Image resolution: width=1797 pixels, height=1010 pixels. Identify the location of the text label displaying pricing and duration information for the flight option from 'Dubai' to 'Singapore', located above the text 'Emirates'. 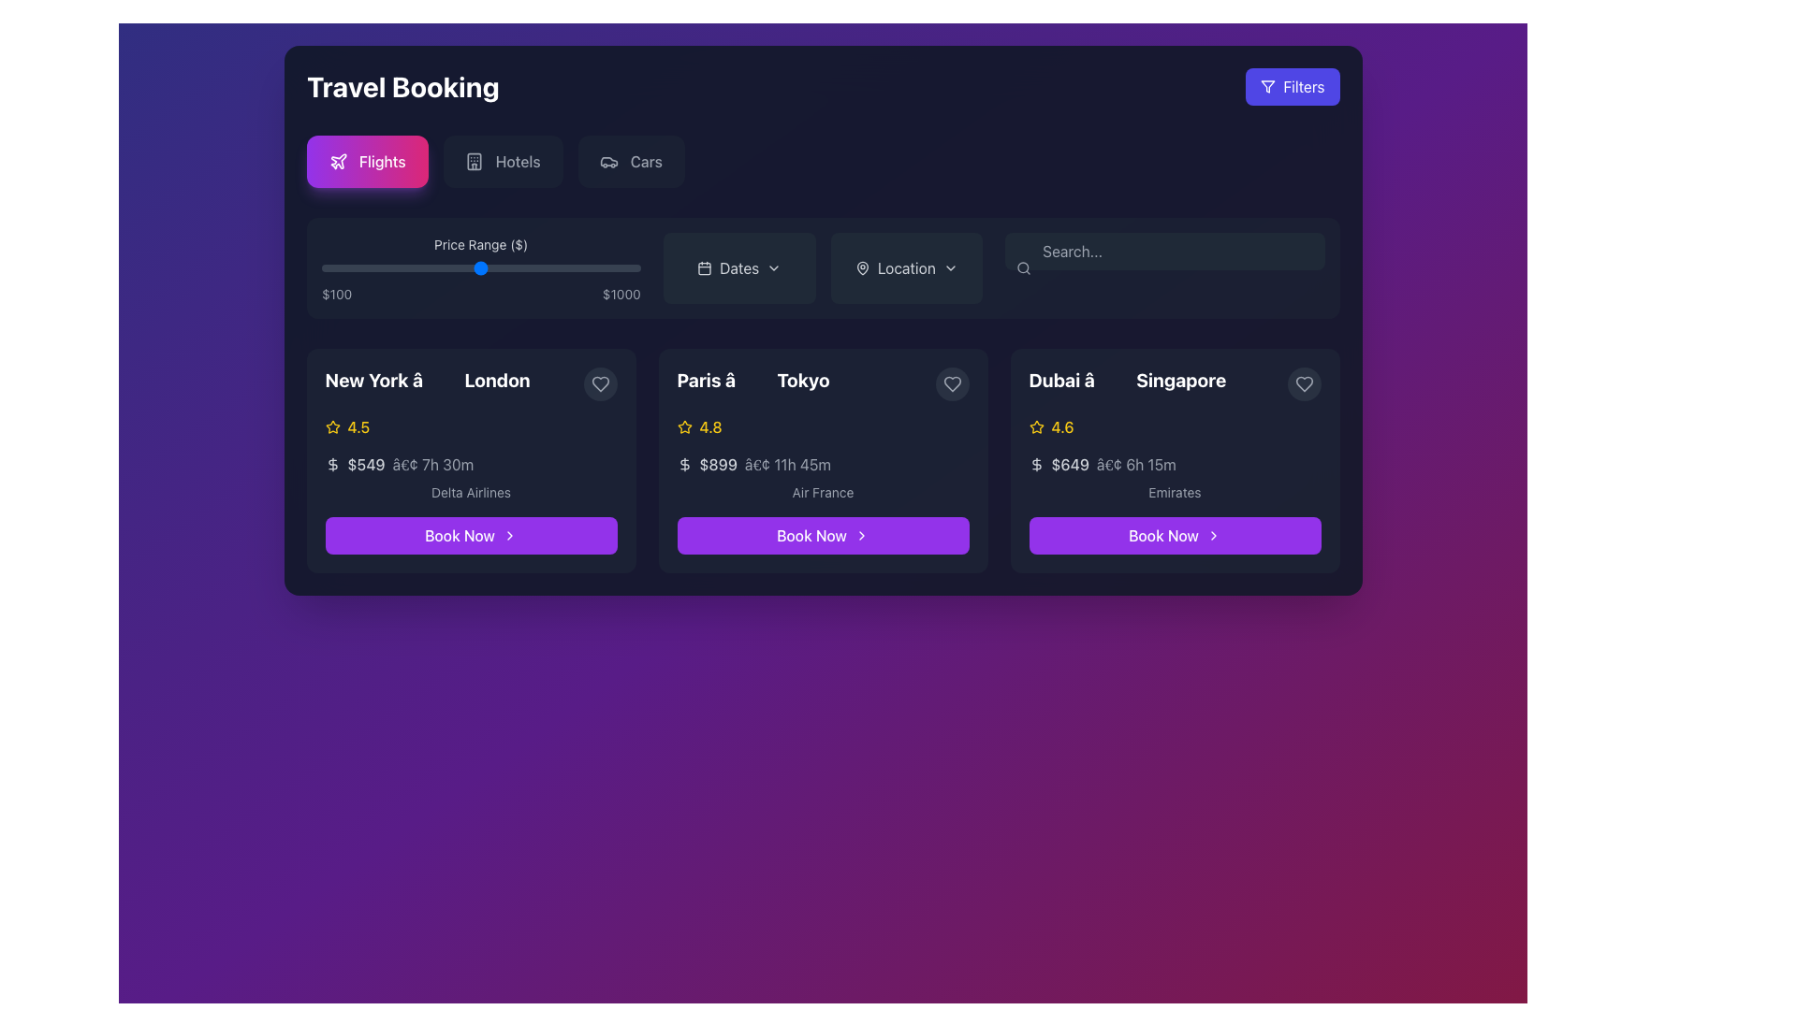
(1174, 464).